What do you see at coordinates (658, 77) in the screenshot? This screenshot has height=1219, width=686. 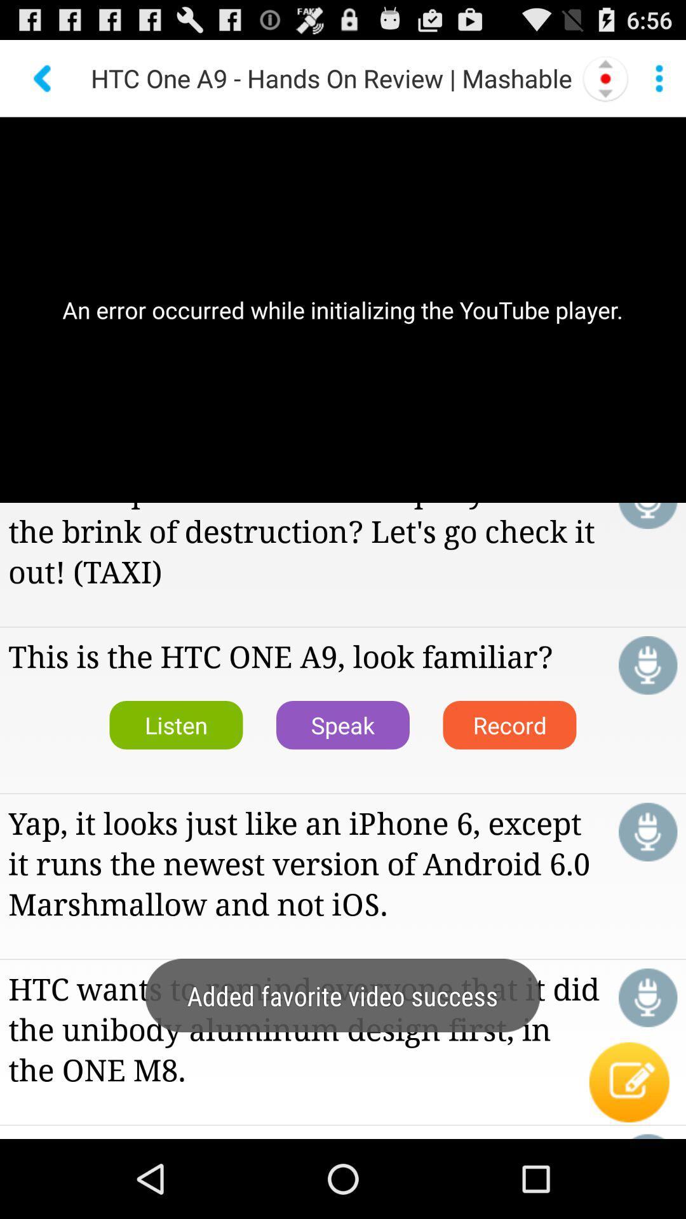 I see `menu` at bounding box center [658, 77].